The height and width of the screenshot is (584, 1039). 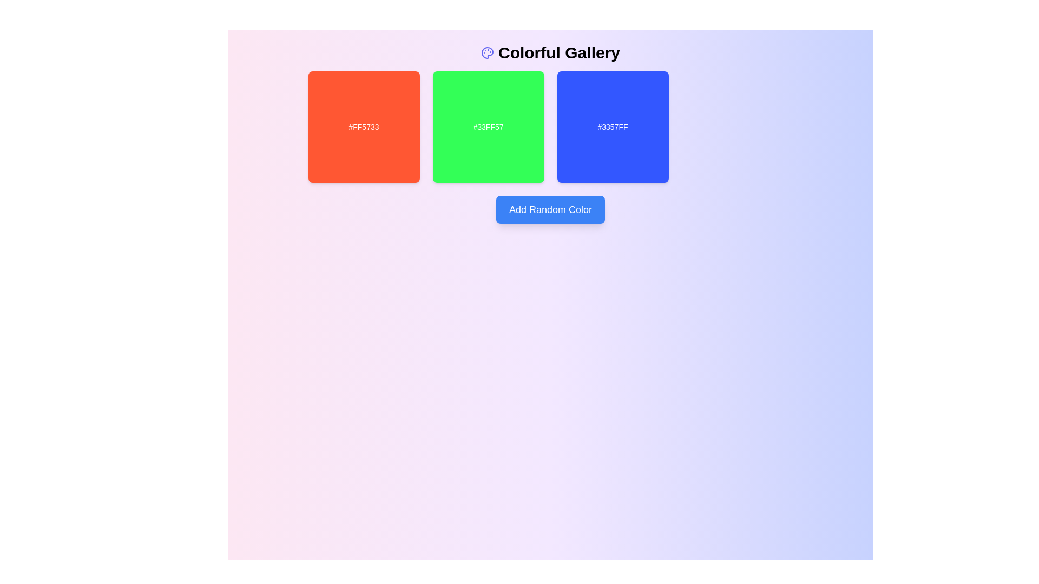 What do you see at coordinates (550, 52) in the screenshot?
I see `the text heading with an icon that serves as the title for the interface, located at the top of the interface above a grid of colored blocks` at bounding box center [550, 52].